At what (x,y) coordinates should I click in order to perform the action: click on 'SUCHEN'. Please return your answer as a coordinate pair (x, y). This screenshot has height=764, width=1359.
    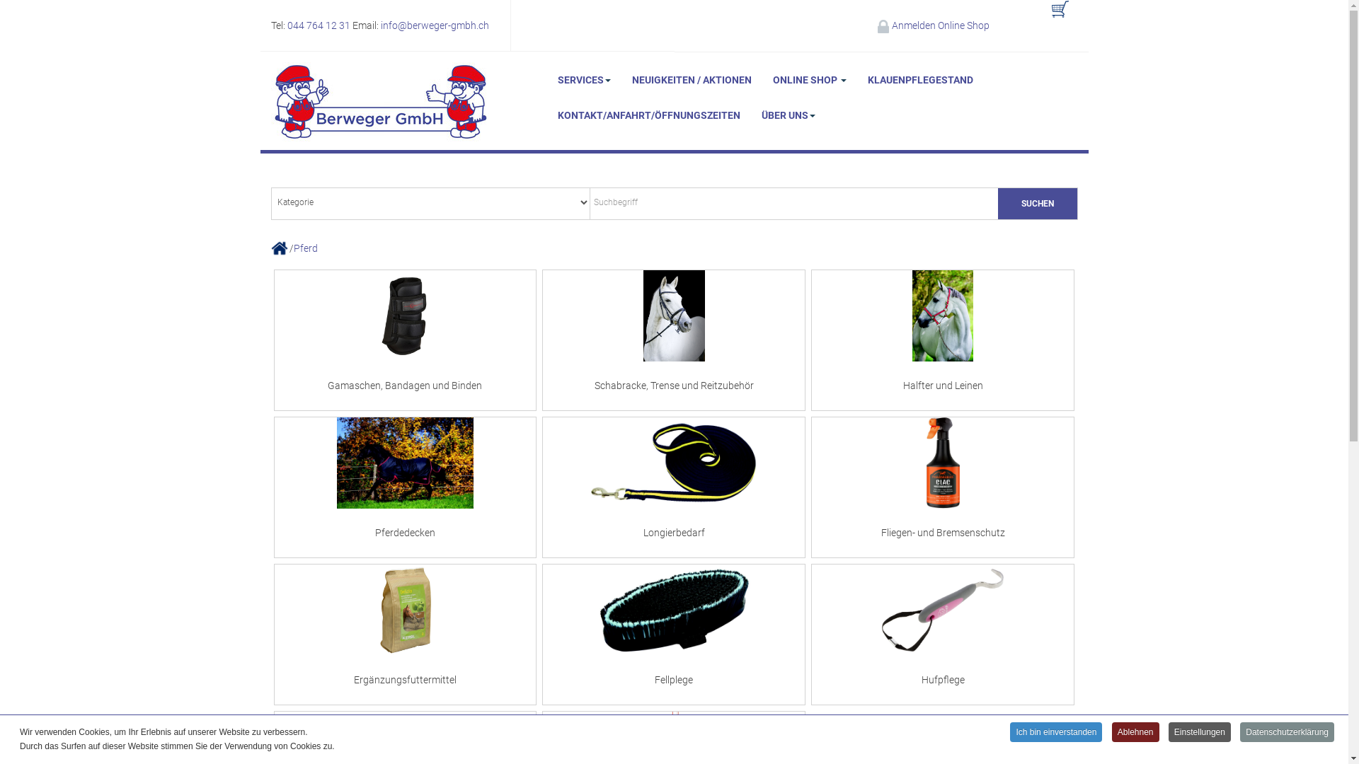
    Looking at the image, I should click on (1037, 204).